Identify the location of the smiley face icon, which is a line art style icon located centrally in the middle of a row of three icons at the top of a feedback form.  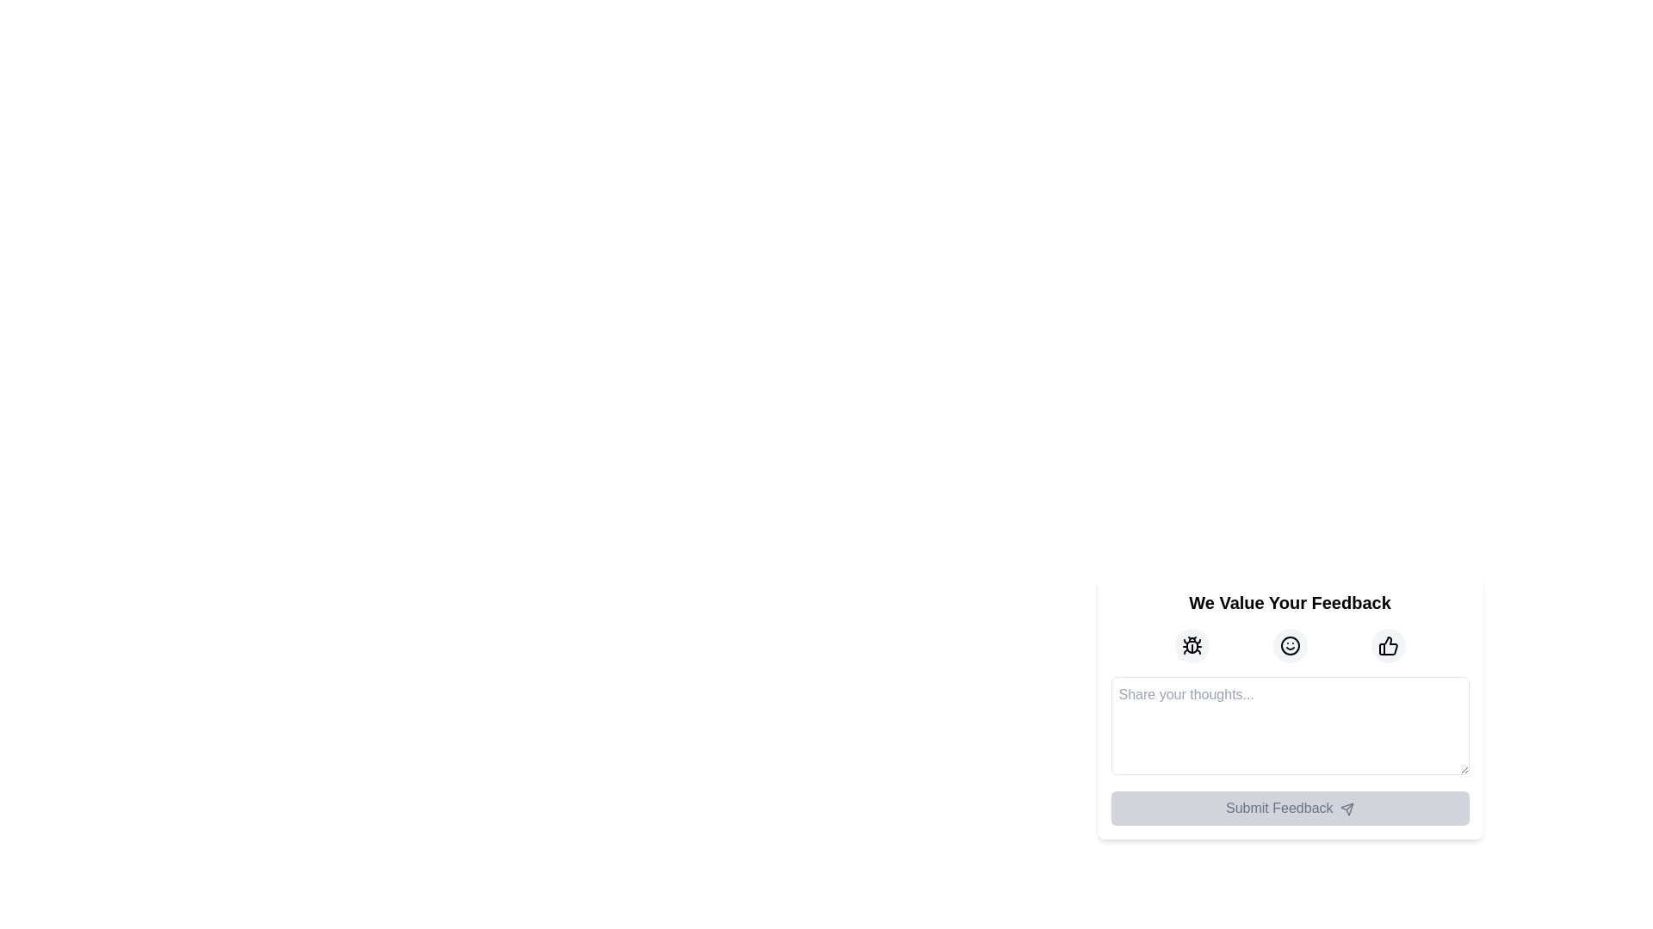
(1290, 646).